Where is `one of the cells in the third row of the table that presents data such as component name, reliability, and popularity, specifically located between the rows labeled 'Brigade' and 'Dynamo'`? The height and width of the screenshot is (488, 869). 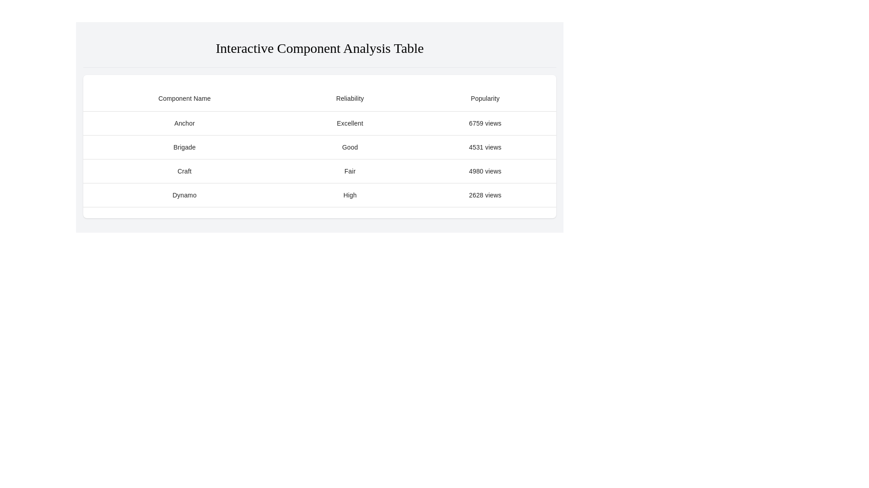
one of the cells in the third row of the table that presents data such as component name, reliability, and popularity, specifically located between the rows labeled 'Brigade' and 'Dynamo' is located at coordinates (320, 171).